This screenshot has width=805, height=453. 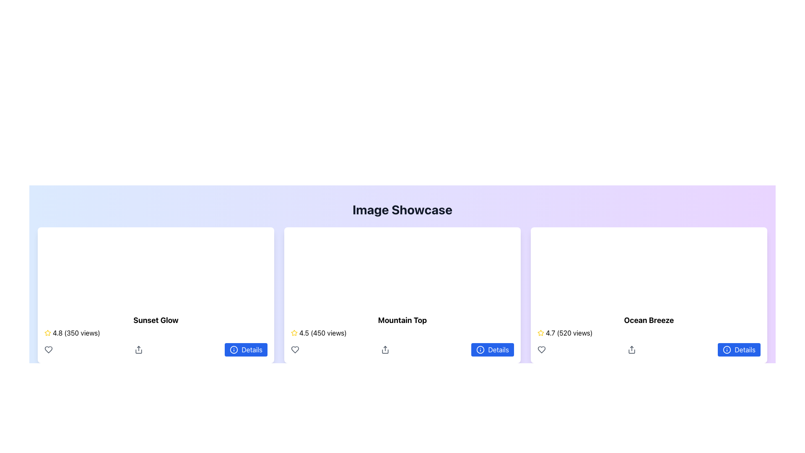 I want to click on the 'like' icon button located below the rating and views text in the 'Mountain Top' grid item, so click(x=295, y=349).